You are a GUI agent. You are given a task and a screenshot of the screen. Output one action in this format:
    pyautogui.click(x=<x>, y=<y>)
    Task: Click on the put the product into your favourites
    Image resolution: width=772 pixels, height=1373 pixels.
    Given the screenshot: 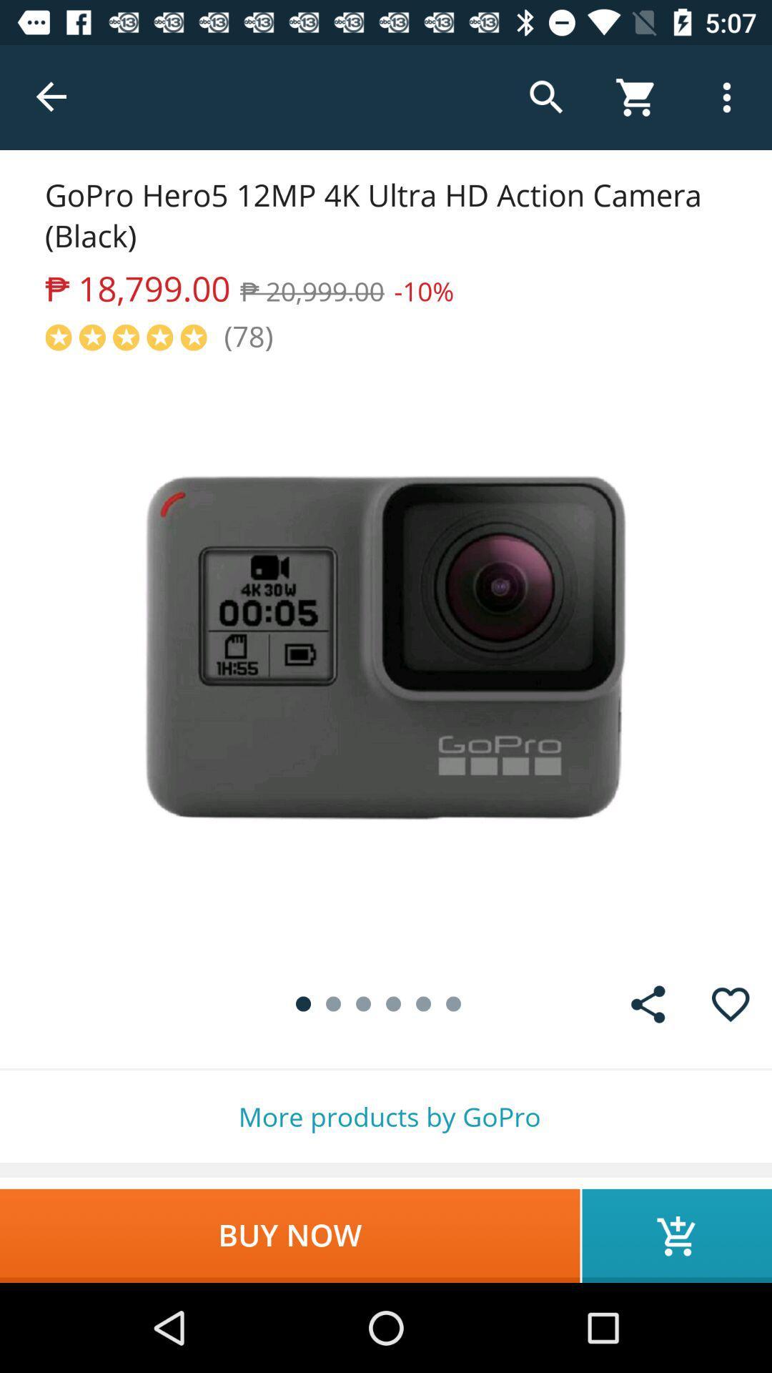 What is the action you would take?
    pyautogui.click(x=731, y=1003)
    